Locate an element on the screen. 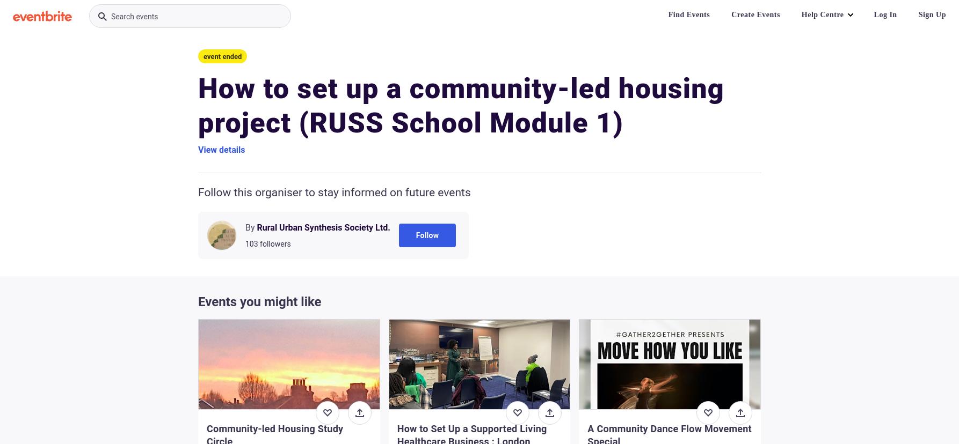  '103' is located at coordinates (251, 243).